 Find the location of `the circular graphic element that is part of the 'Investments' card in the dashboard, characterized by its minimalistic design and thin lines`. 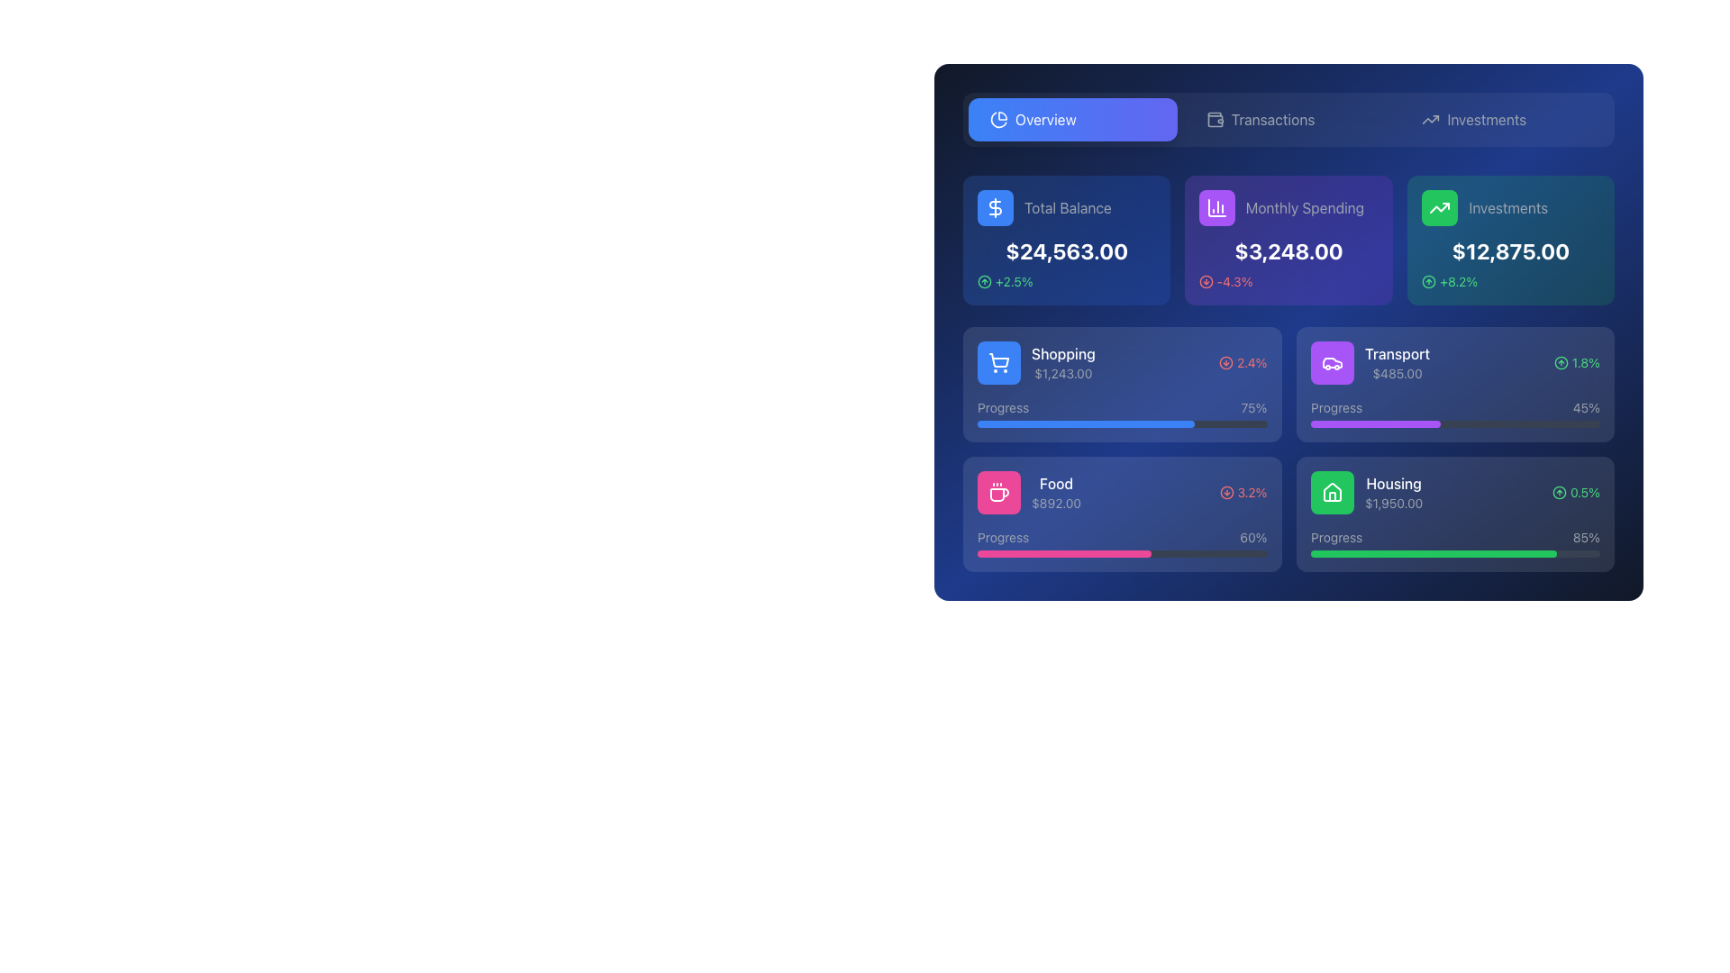

the circular graphic element that is part of the 'Investments' card in the dashboard, characterized by its minimalistic design and thin lines is located at coordinates (1427, 281).